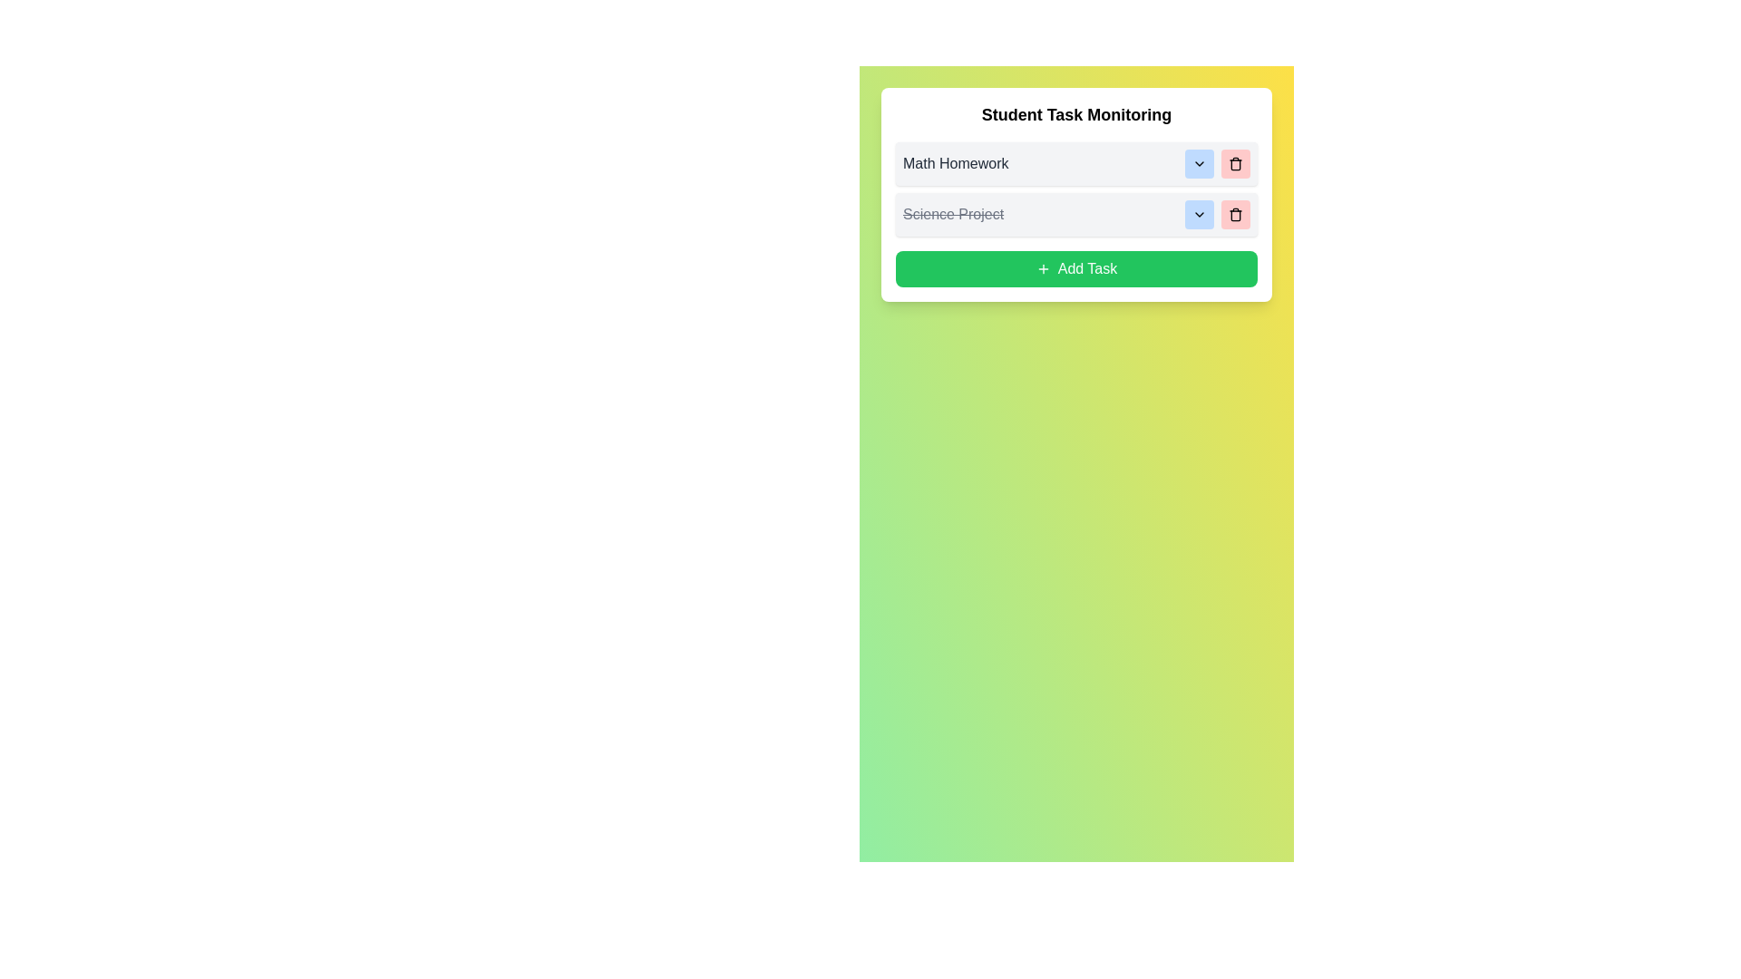  I want to click on the strikethrough text label 'Science Project', which indicates a completed task and is positioned directly under the 'Math Homework' element, so click(952, 213).